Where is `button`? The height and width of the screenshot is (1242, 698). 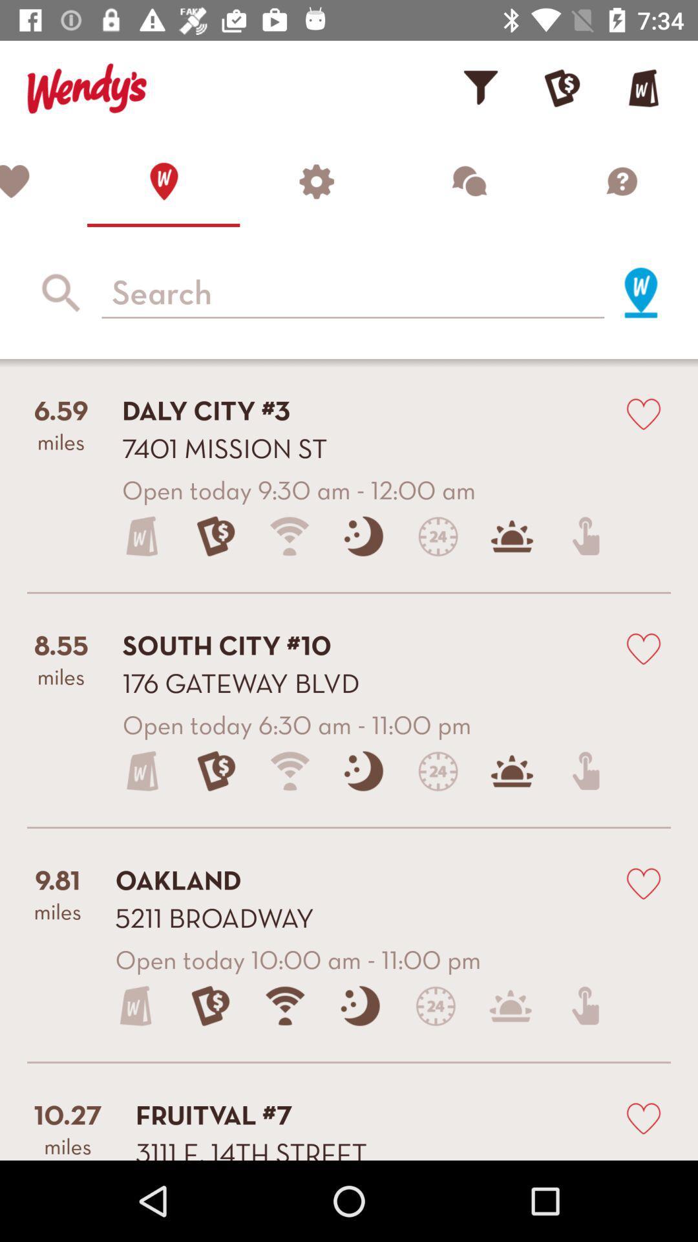 button is located at coordinates (643, 412).